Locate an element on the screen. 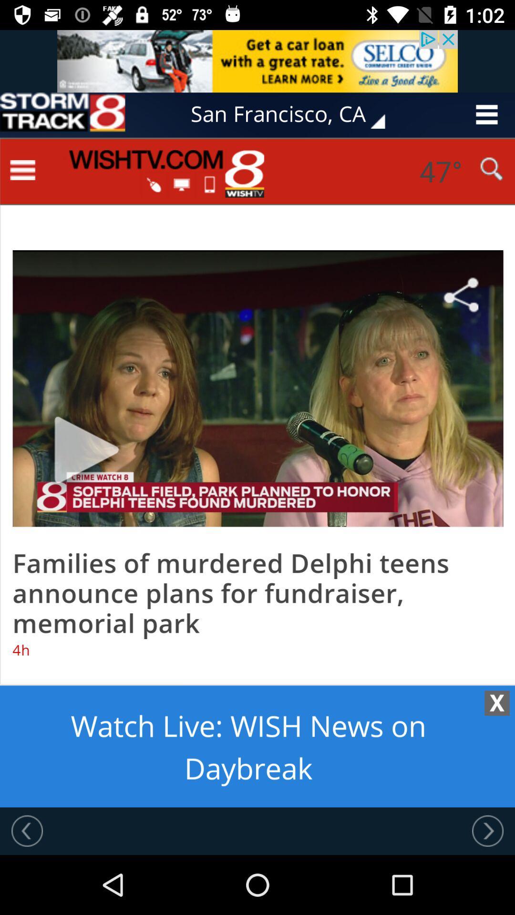 The height and width of the screenshot is (915, 515). screen is located at coordinates (257, 472).